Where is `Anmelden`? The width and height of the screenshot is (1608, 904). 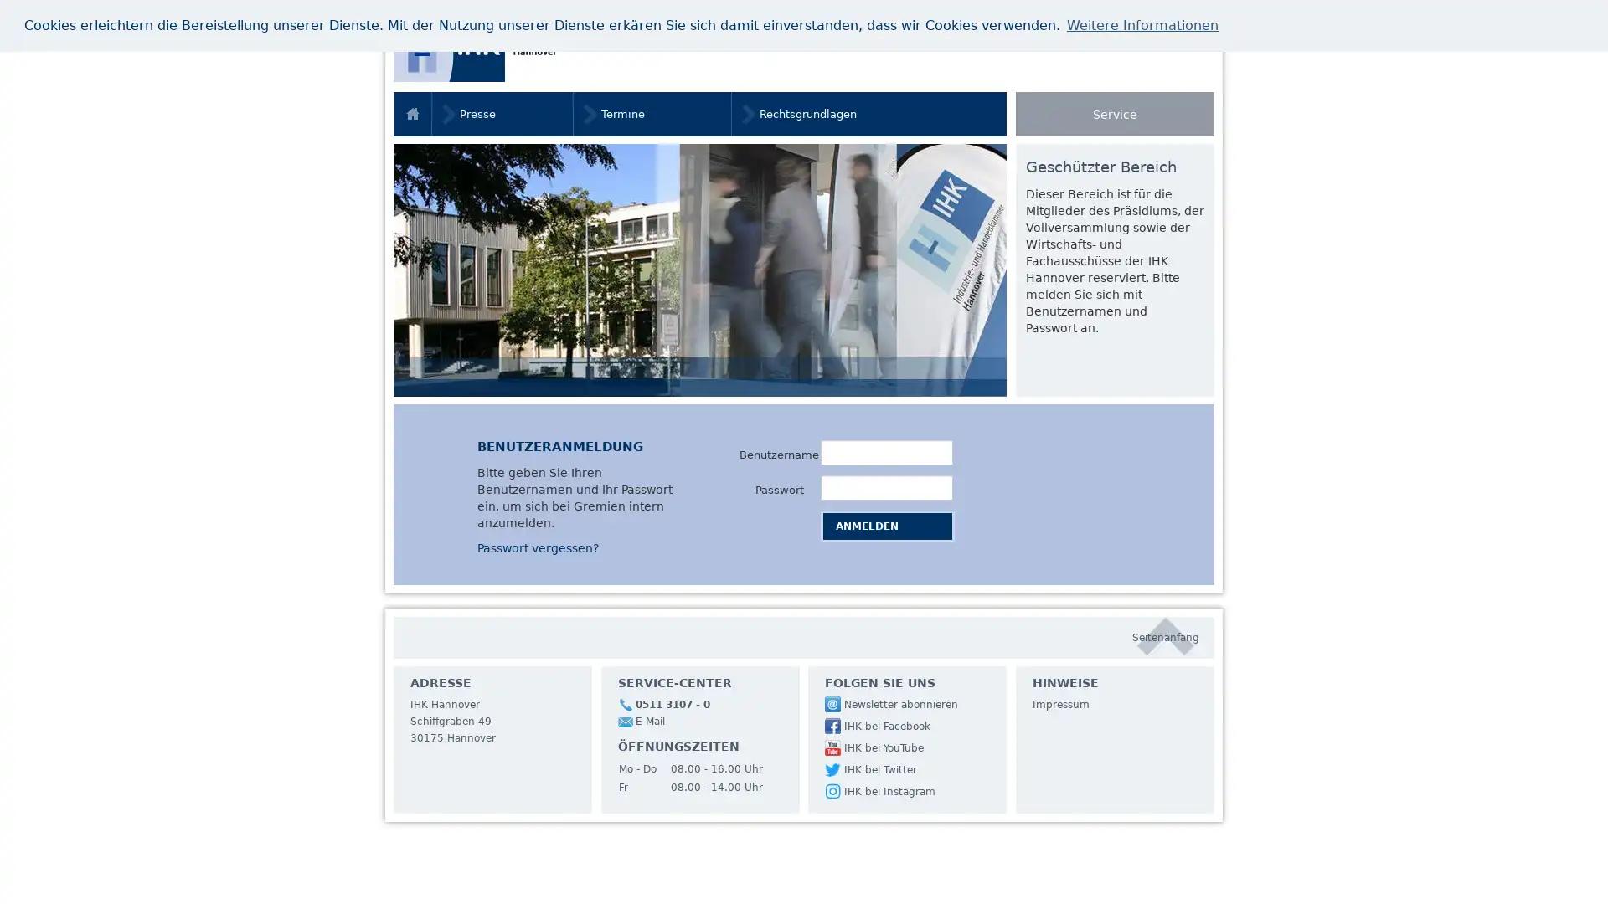 Anmelden is located at coordinates (887, 525).